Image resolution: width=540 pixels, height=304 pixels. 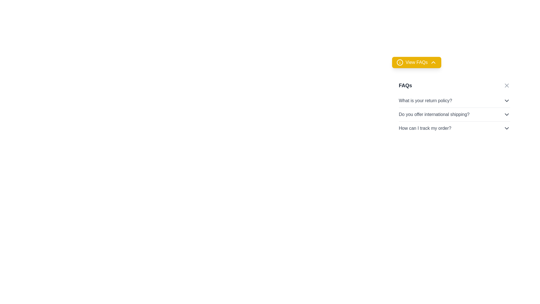 I want to click on the clickable FAQ question that reveals the answer to 'How can I track my order?', so click(x=454, y=128).